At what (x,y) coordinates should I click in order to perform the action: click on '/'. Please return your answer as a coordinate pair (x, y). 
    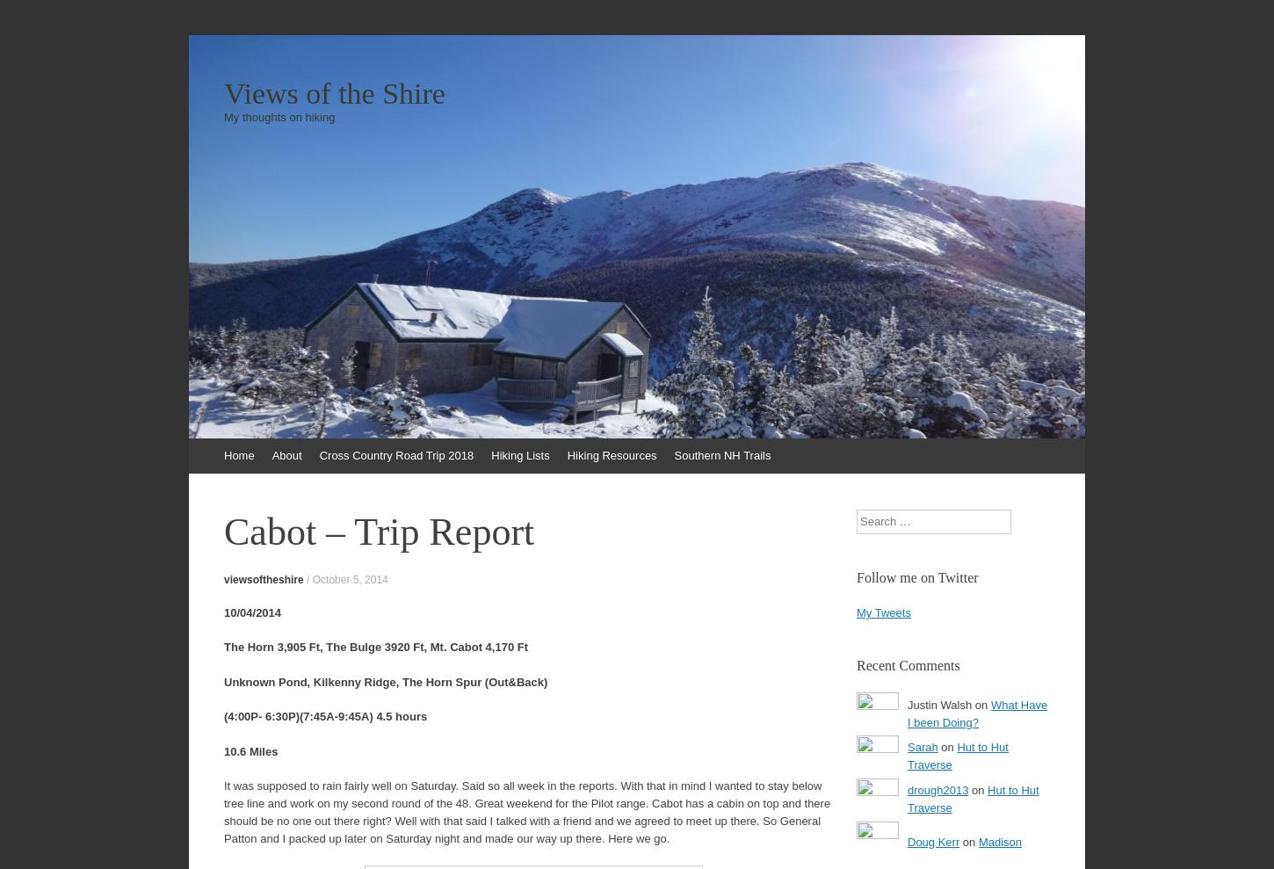
    Looking at the image, I should click on (302, 579).